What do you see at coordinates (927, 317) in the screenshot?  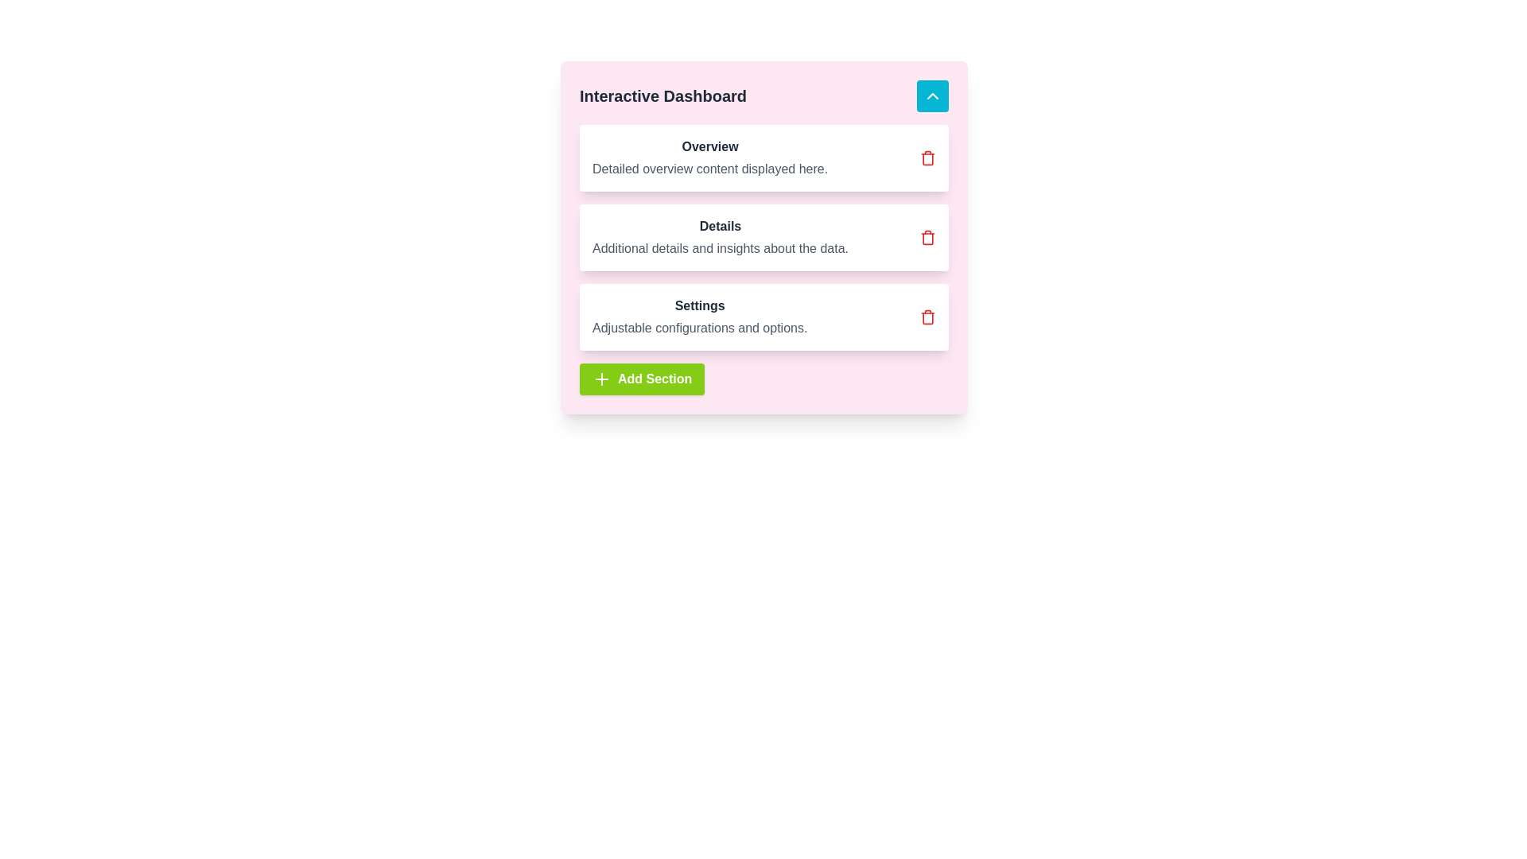 I see `the red trash bin icon button located in the 'Settings' section of the third card in the vertical stack` at bounding box center [927, 317].